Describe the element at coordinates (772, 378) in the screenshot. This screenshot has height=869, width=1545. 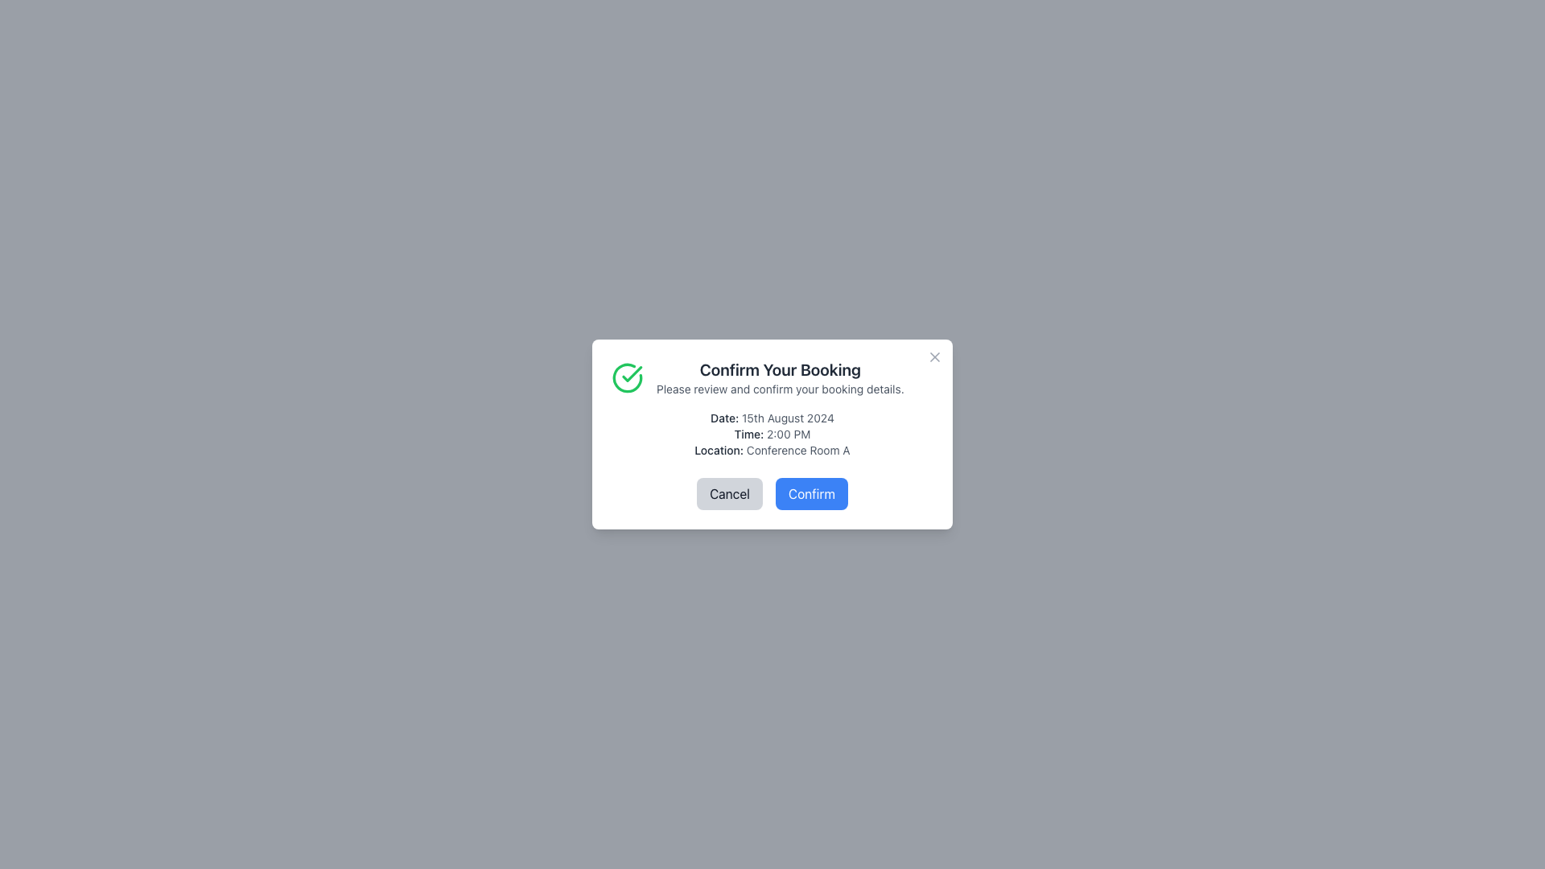
I see `title 'Confirm Your Booking' from the text element displaying a green checkmark icon, positioned prominently at the top of the white modal dialog box` at that location.